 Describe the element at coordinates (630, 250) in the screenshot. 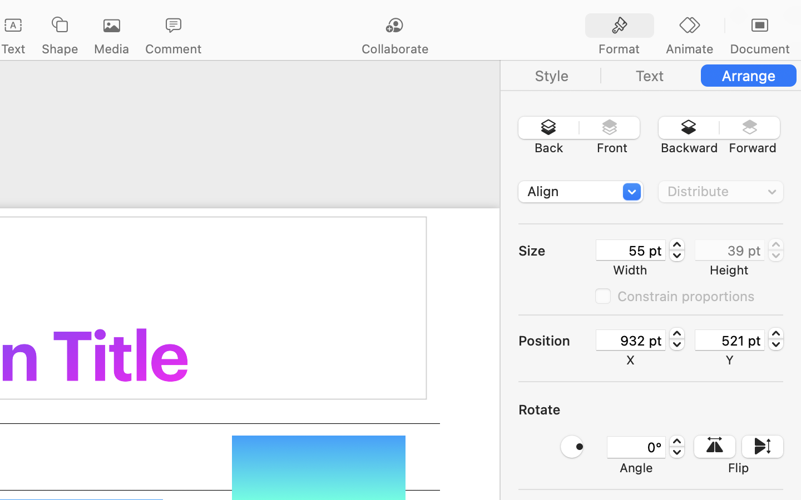

I see `'55 pt'` at that location.